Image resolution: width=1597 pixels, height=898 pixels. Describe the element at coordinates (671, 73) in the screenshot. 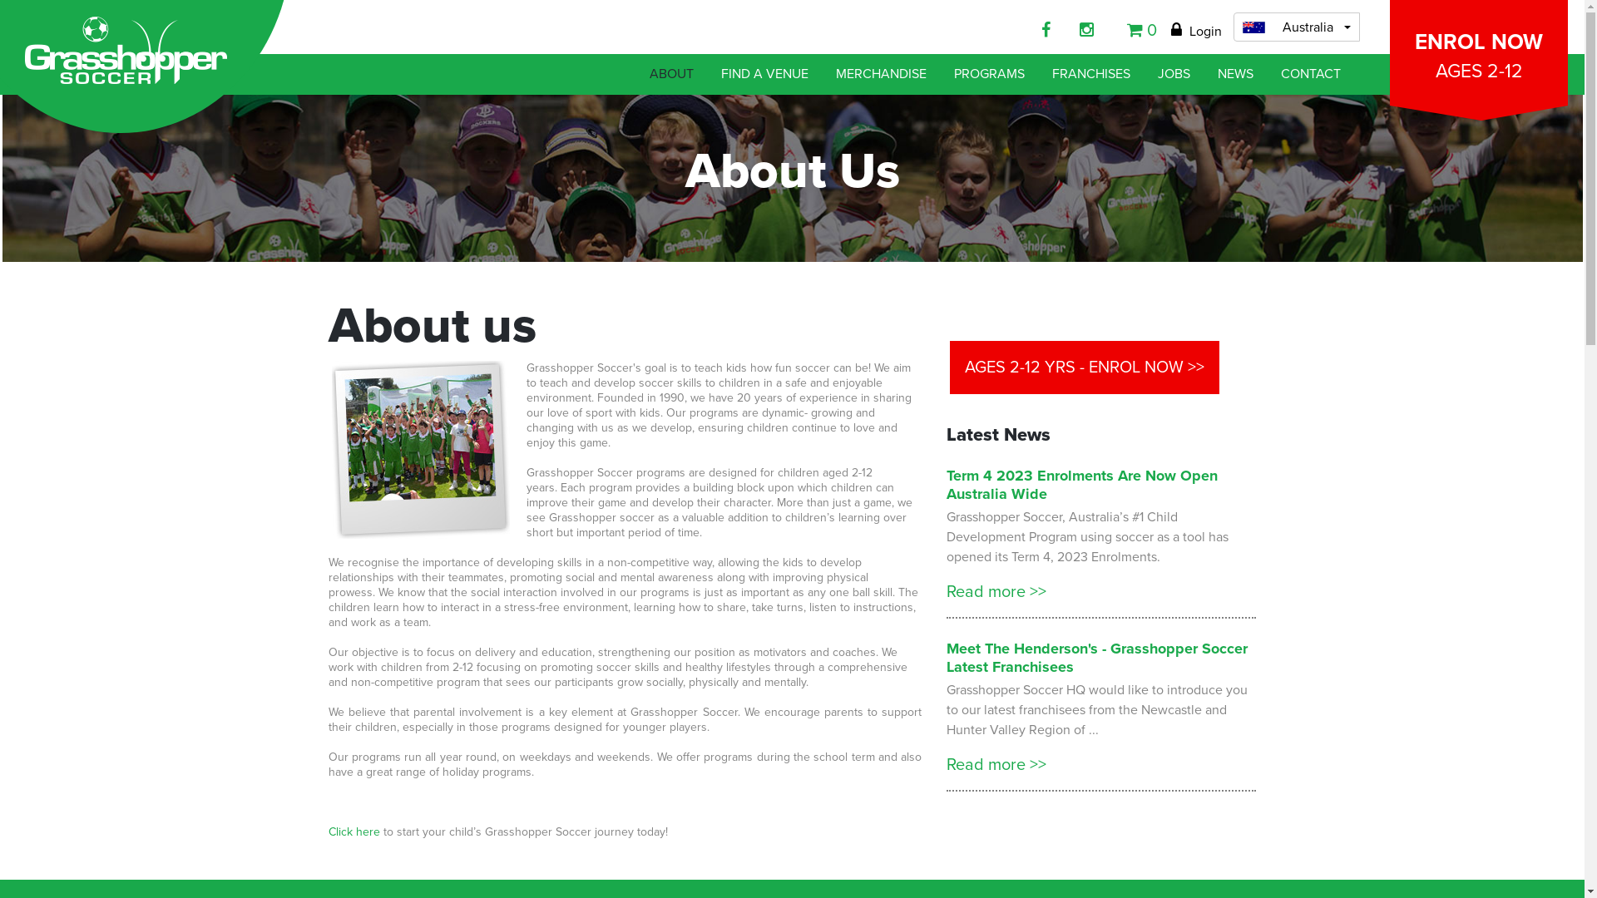

I see `'ABOUT'` at that location.